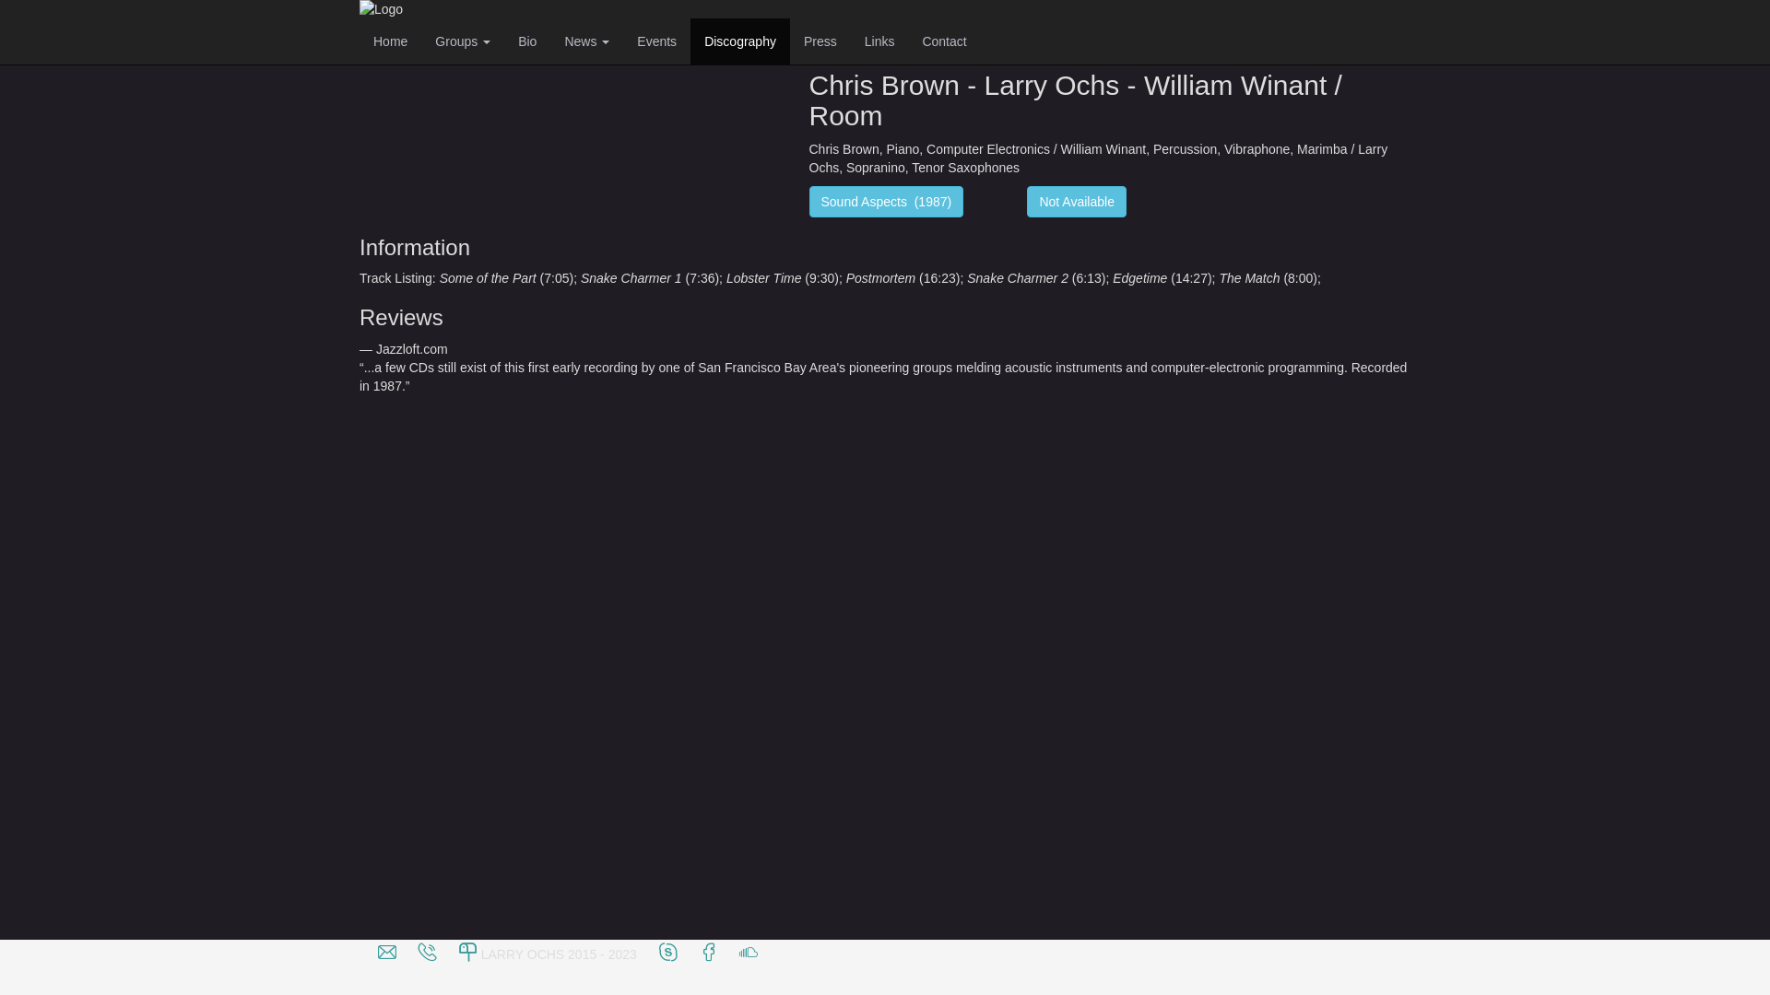 The image size is (1770, 995). I want to click on 'Press', so click(819, 41).